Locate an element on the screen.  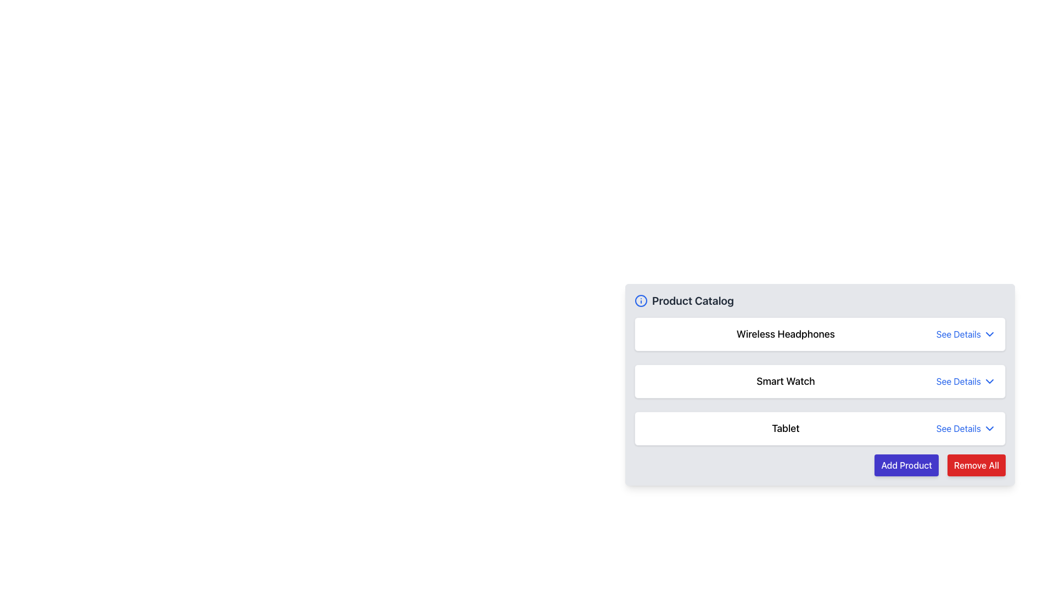
the chevron icon located to the right of the 'See Details' text in the row for the 'Smart Watch' item is located at coordinates (990, 380).